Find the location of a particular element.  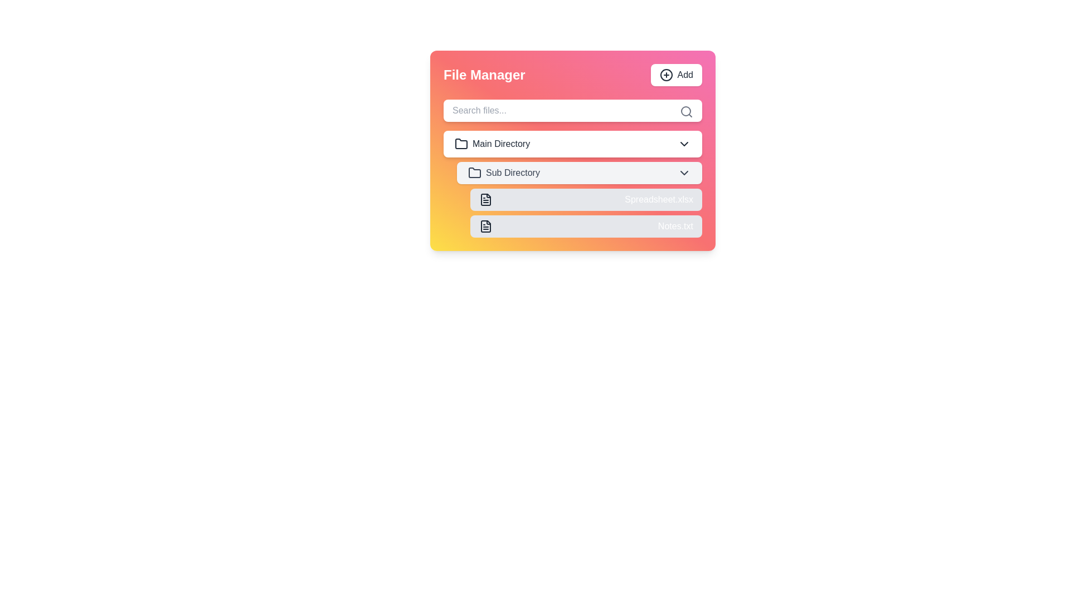

the text file icon for 'Notes.txt' located at the bottom of the file list in the File Manager interface is located at coordinates (486, 226).